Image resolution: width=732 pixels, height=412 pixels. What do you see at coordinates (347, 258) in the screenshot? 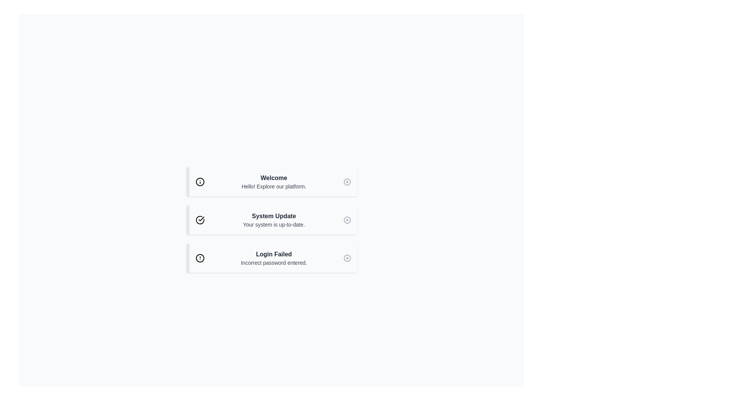
I see `the circular close button with crossed lines located to the far-right of the 'Login Failed' notification in the third row of alerts` at bounding box center [347, 258].